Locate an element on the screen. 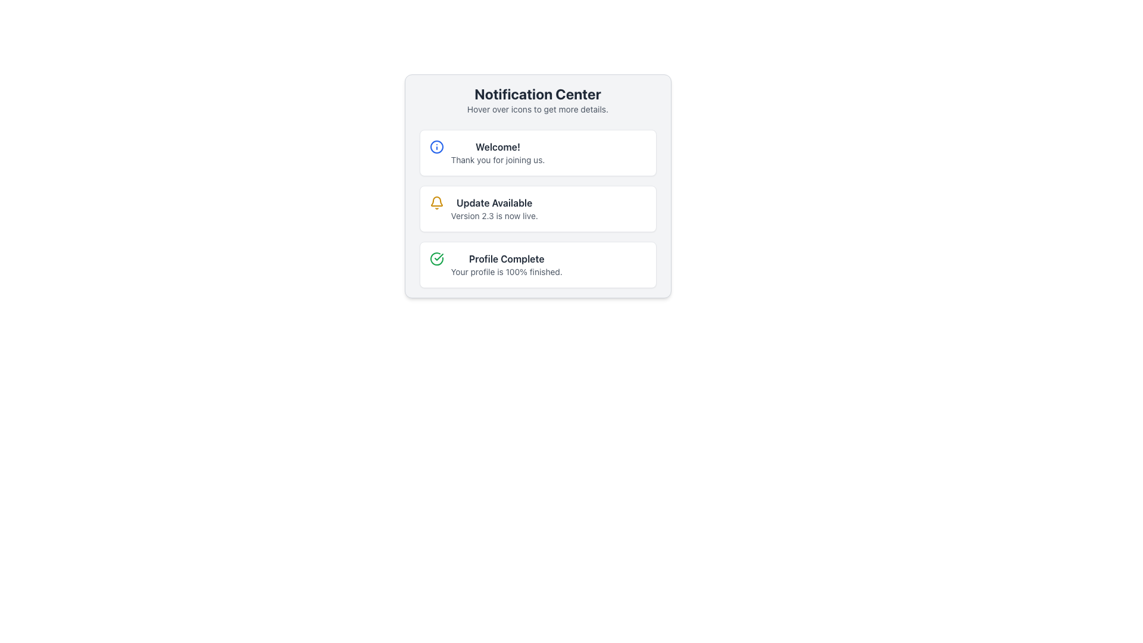  the green checkmark icon within the 'Profile Complete' card in the 'Notification Center' is located at coordinates (436, 258).